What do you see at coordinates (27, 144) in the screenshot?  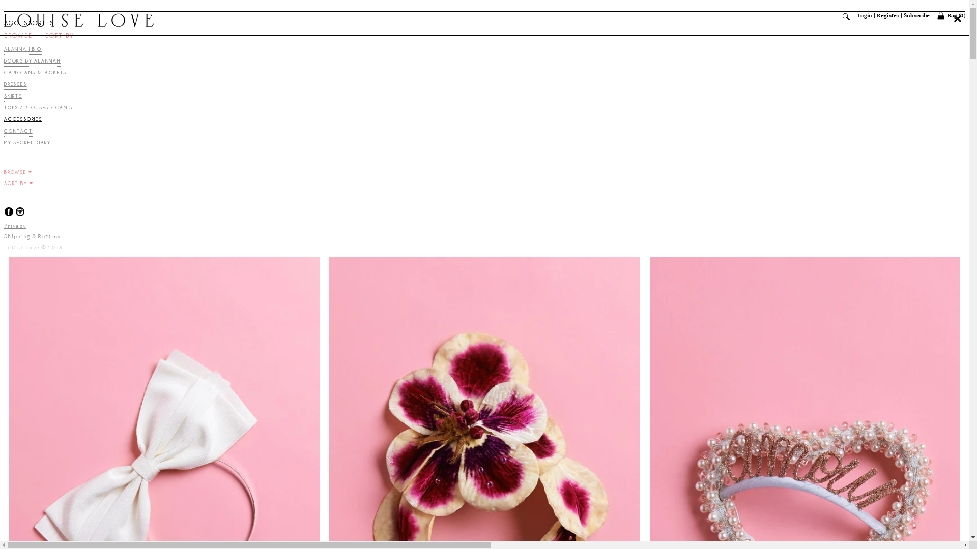 I see `'MY SECRET DIARY'` at bounding box center [27, 144].